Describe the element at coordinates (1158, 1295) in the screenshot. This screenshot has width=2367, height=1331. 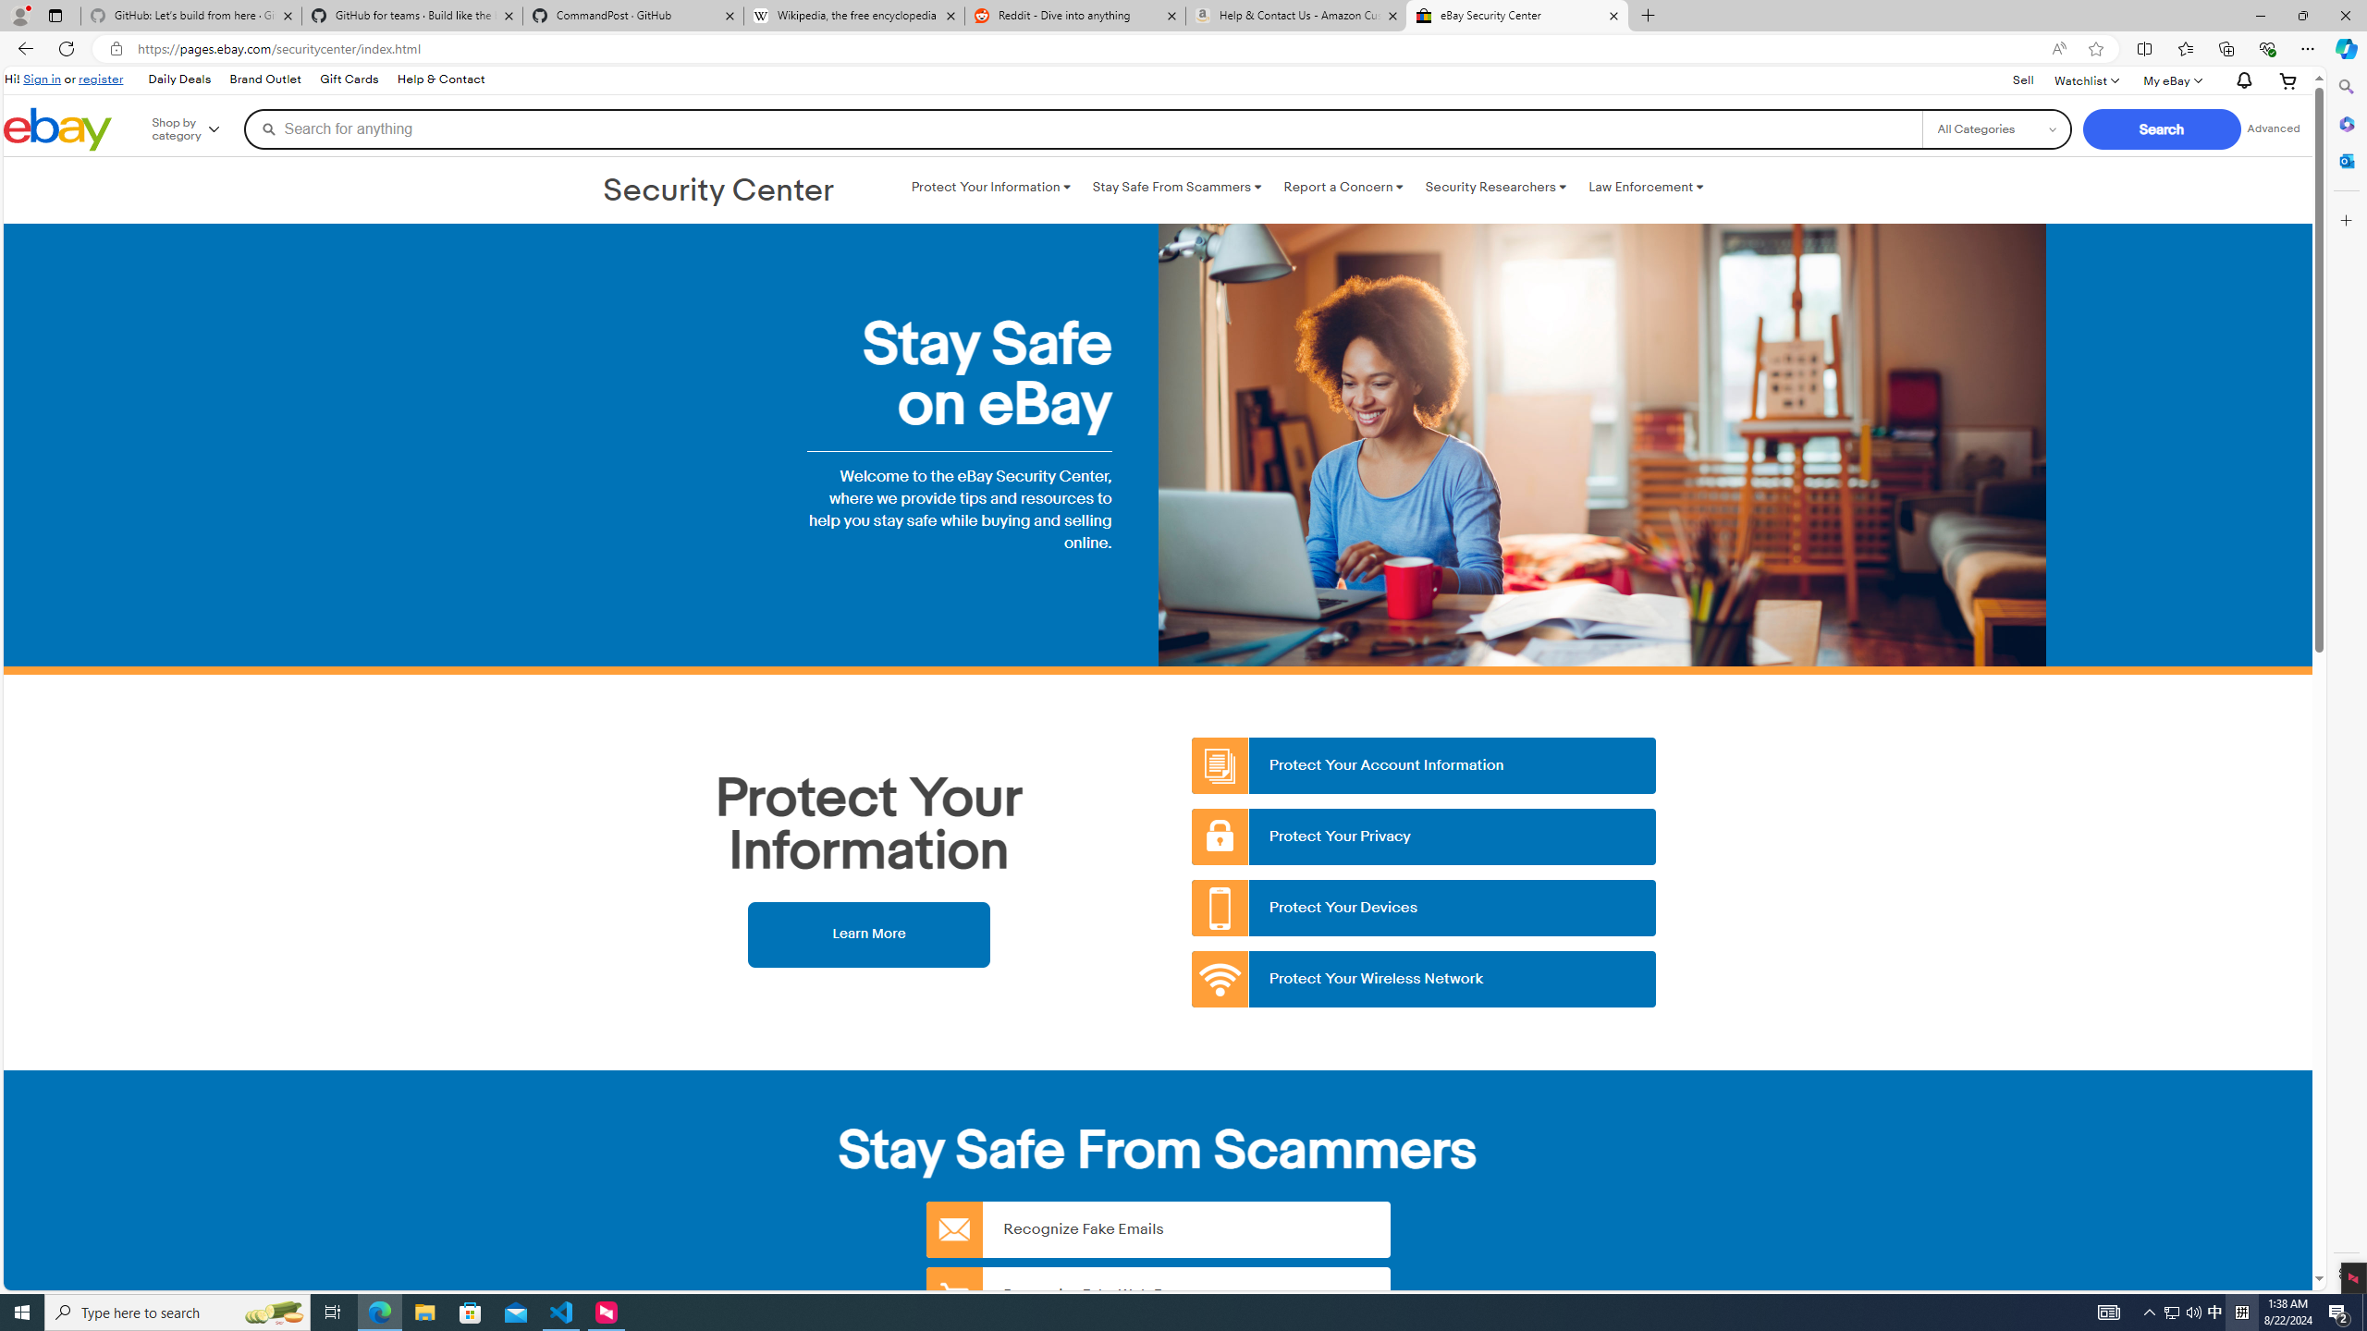
I see `'Recognize Fake Web Pages'` at that location.